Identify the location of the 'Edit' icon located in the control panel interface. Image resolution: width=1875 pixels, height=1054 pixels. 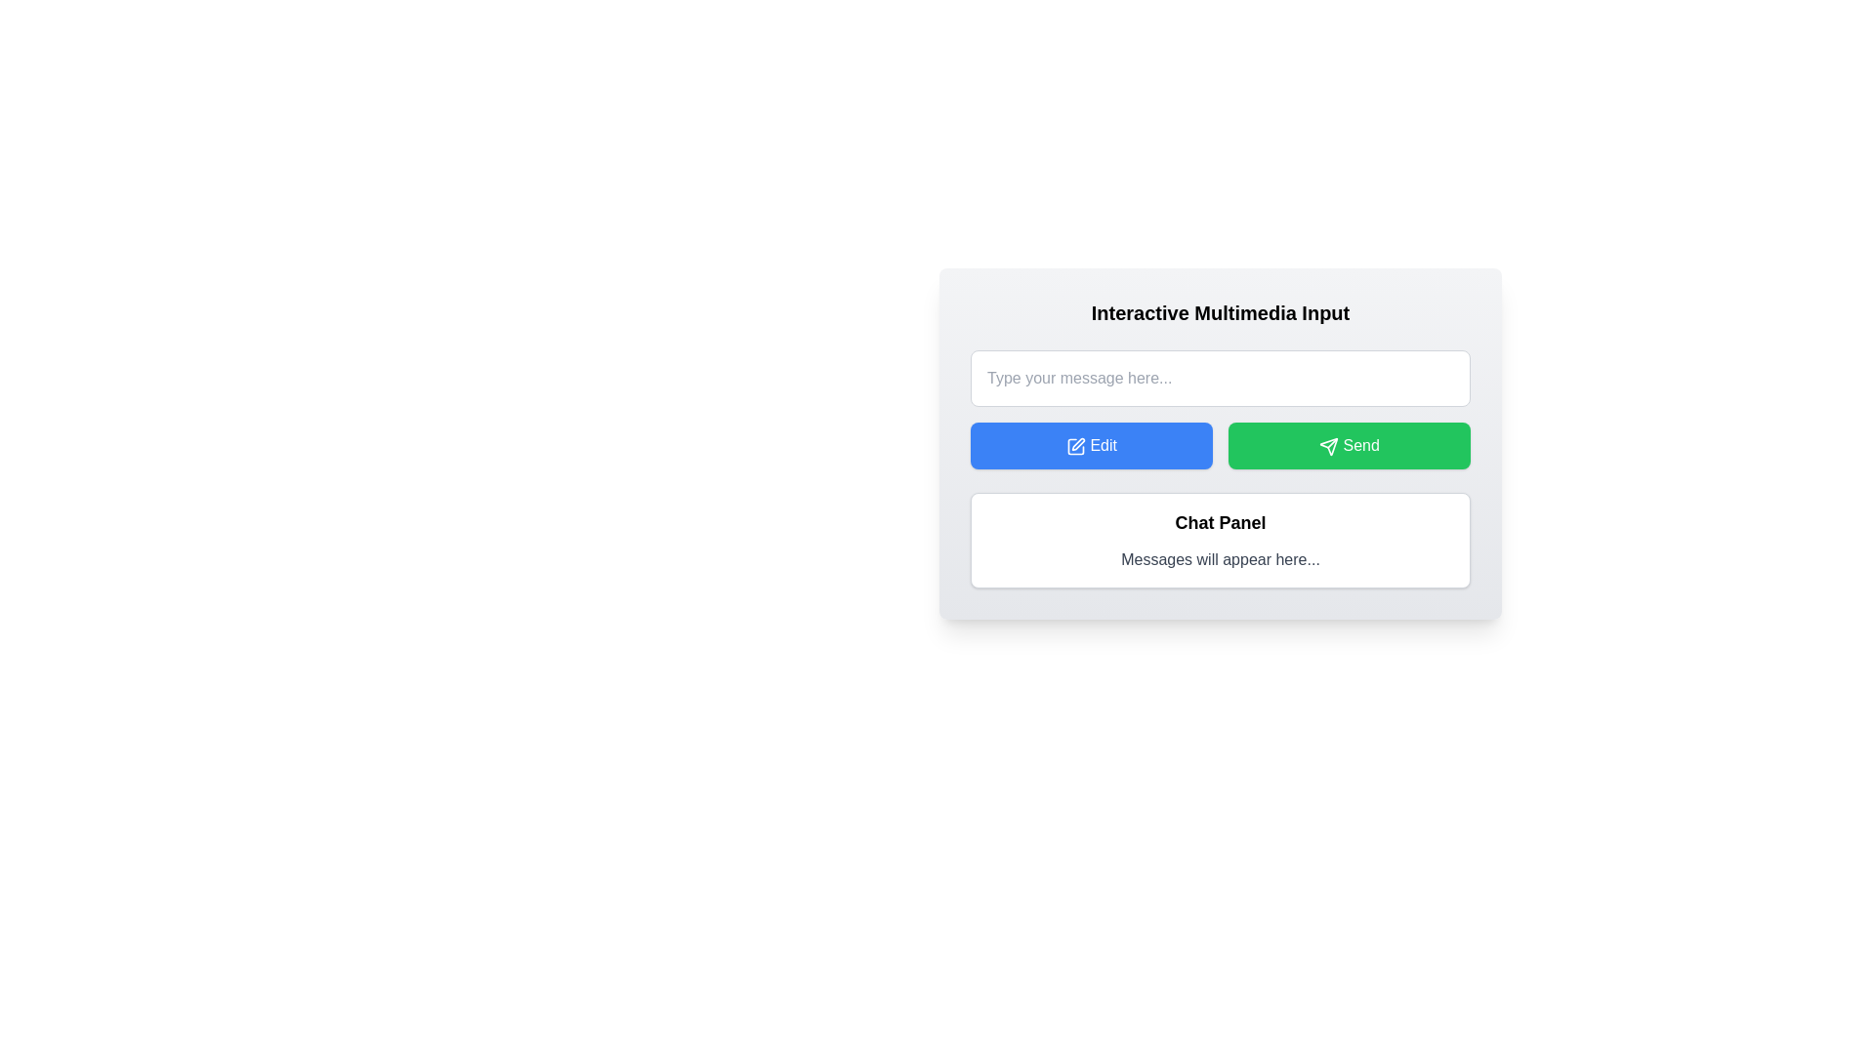
(1074, 446).